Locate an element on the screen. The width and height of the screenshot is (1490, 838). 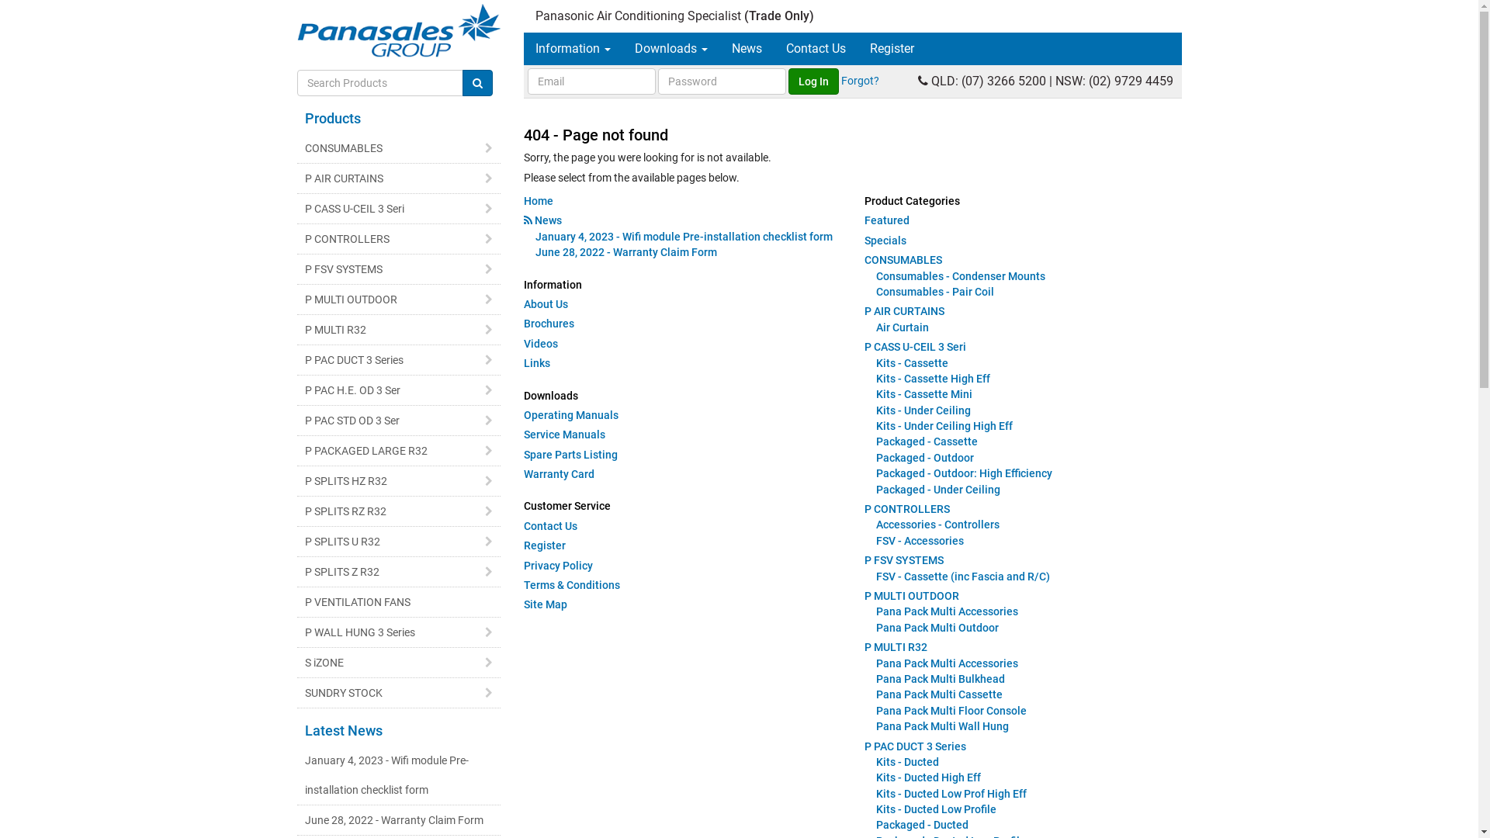
'P FSV SYSTEMS' is located at coordinates (398, 268).